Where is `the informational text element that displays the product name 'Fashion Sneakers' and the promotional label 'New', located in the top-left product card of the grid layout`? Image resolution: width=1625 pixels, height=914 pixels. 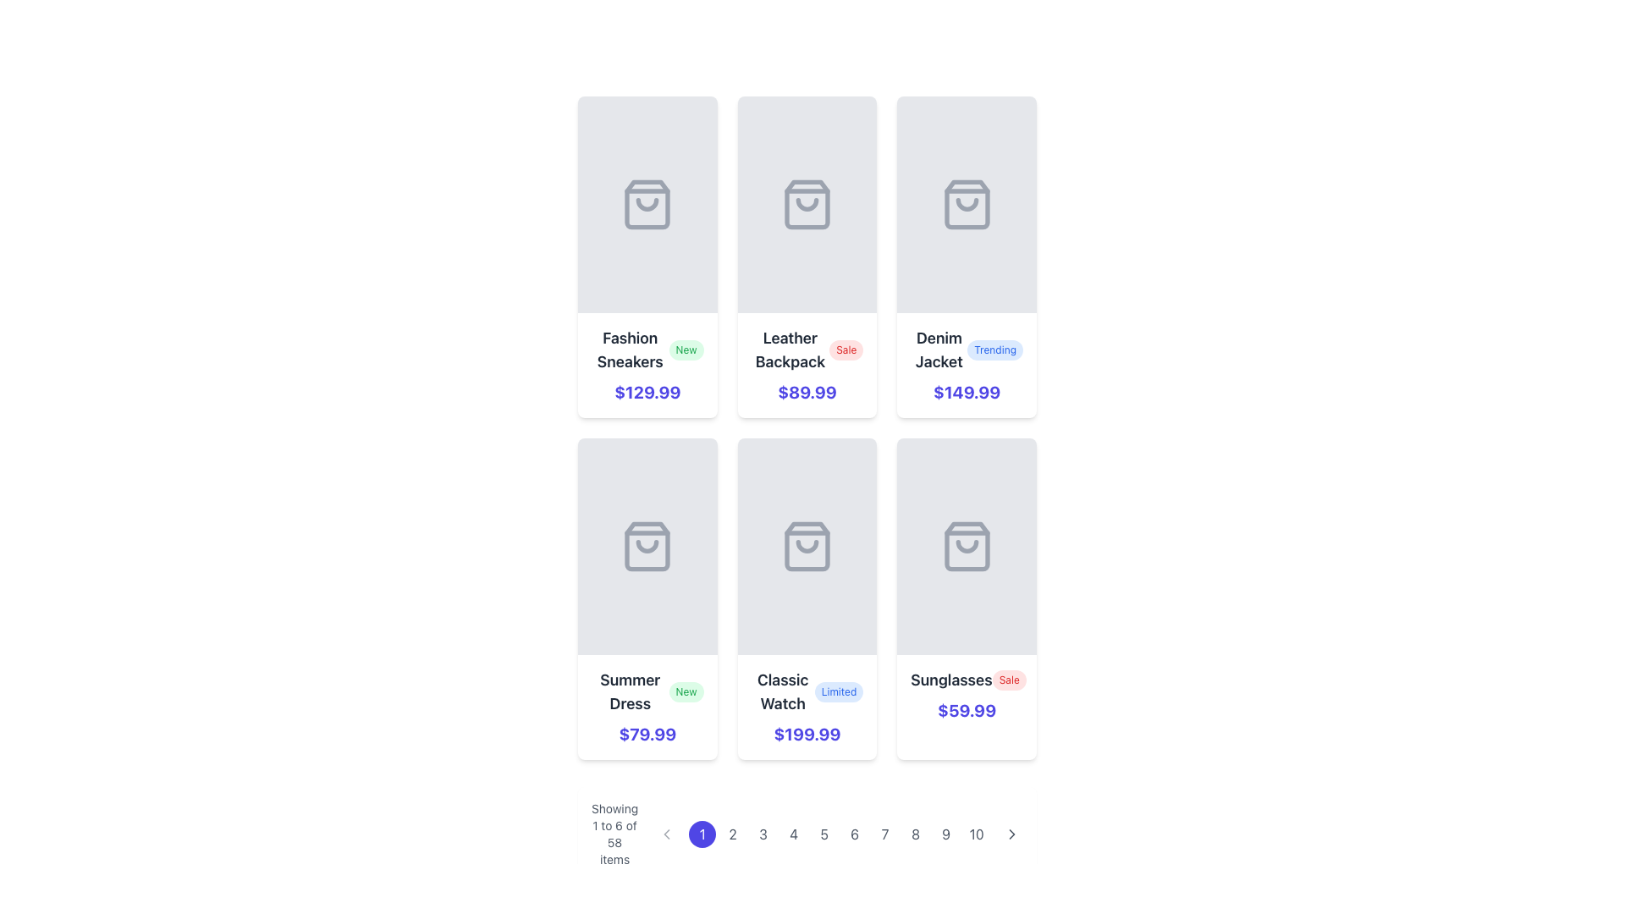 the informational text element that displays the product name 'Fashion Sneakers' and the promotional label 'New', located in the top-left product card of the grid layout is located at coordinates (647, 349).